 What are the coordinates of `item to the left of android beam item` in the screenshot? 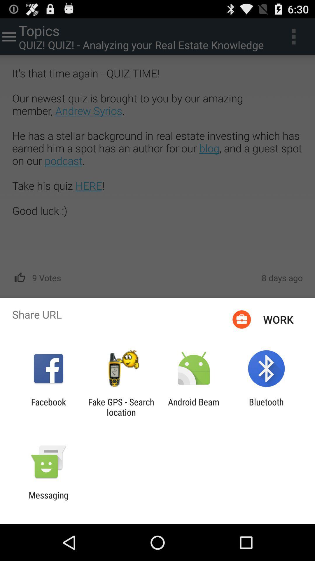 It's located at (121, 407).